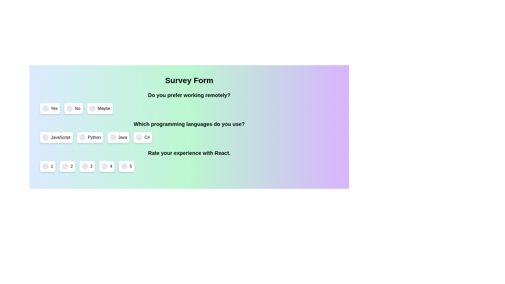  What do you see at coordinates (147, 137) in the screenshot?
I see `the label representing the programming language C#, which is the fourth option in the second row under the heading 'Which programming languages do you use?'` at bounding box center [147, 137].